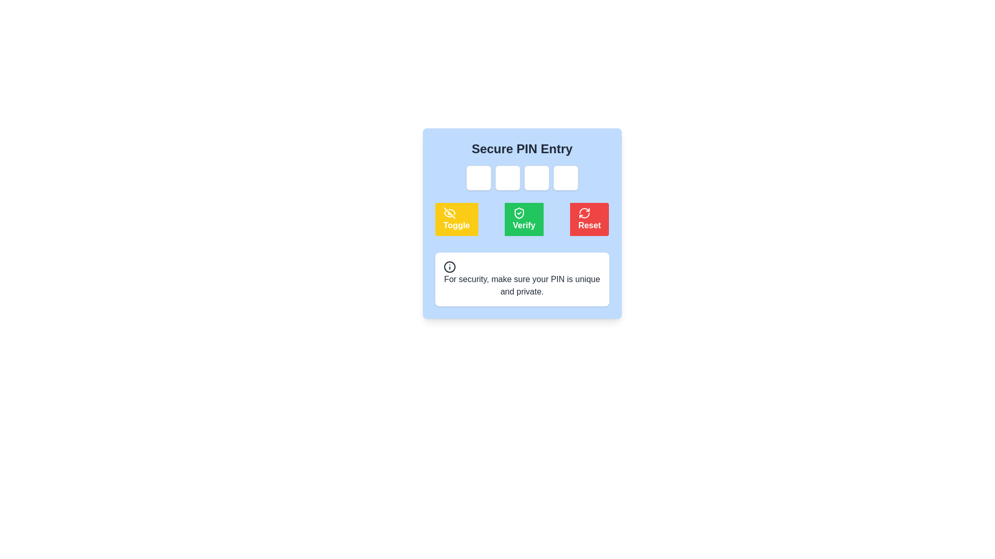 Image resolution: width=995 pixels, height=559 pixels. Describe the element at coordinates (449, 213) in the screenshot. I see `the eye-off icon located in the bottom-left corner of the interface` at that location.